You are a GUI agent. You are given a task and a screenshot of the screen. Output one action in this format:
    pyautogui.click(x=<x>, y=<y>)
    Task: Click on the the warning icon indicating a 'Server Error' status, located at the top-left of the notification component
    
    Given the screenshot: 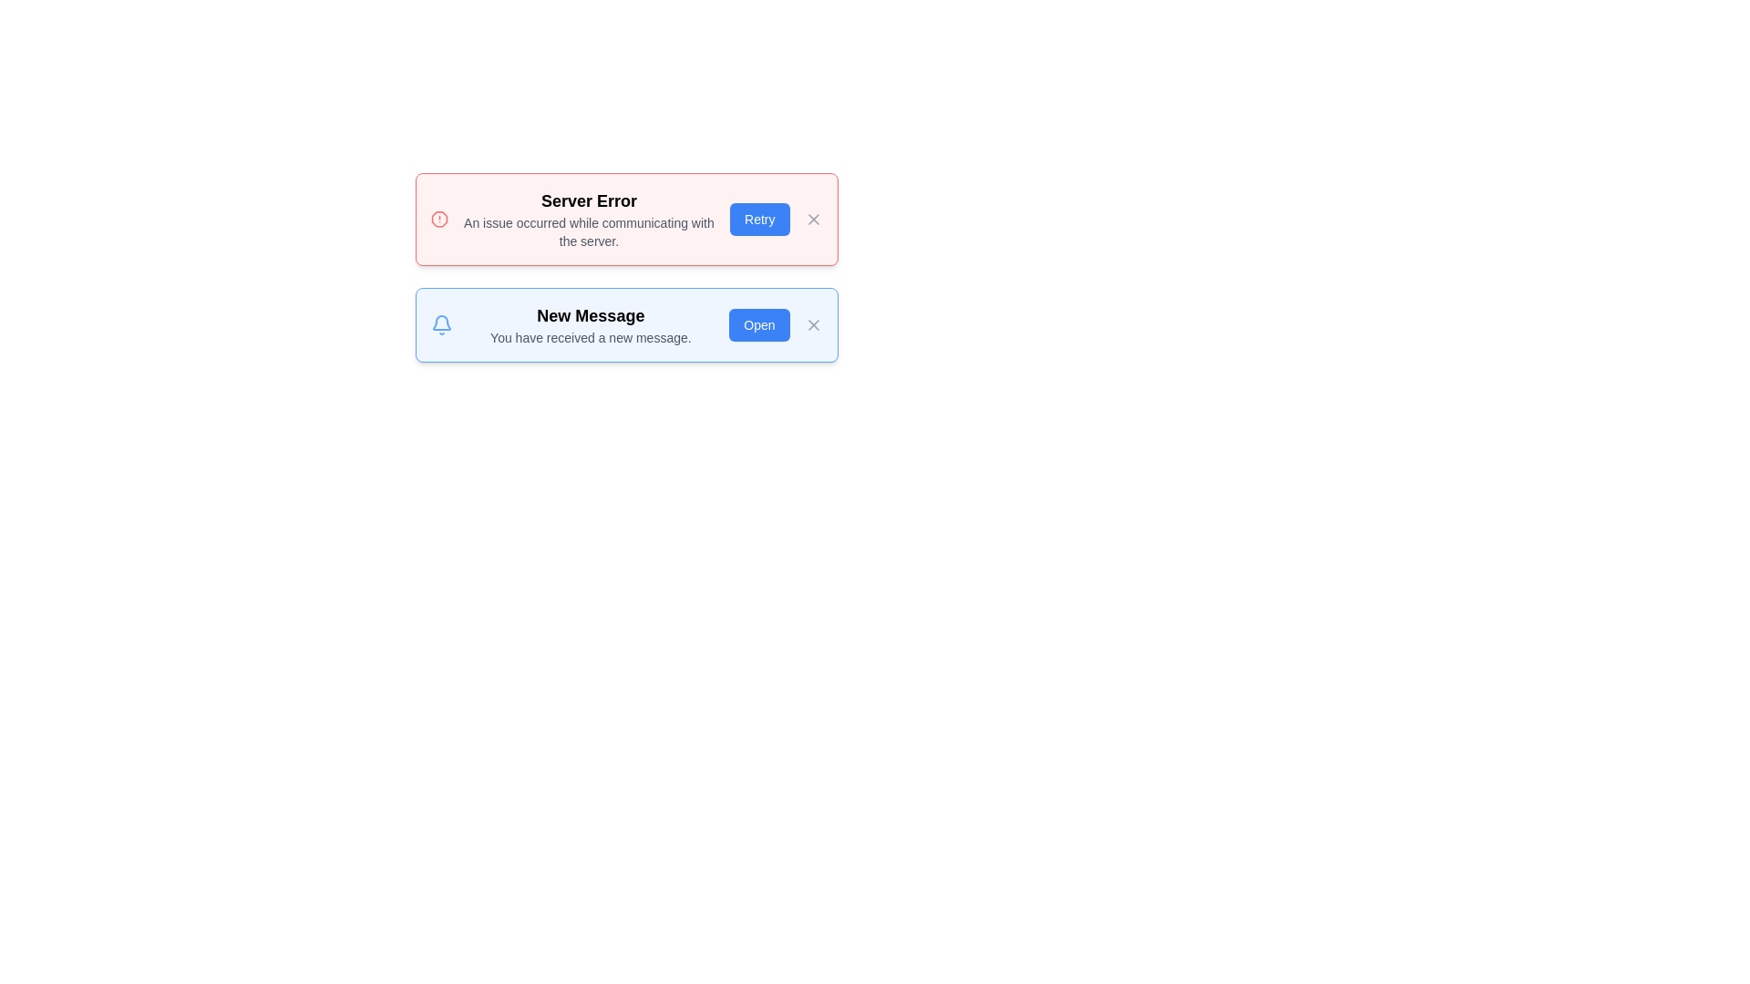 What is the action you would take?
    pyautogui.click(x=439, y=218)
    